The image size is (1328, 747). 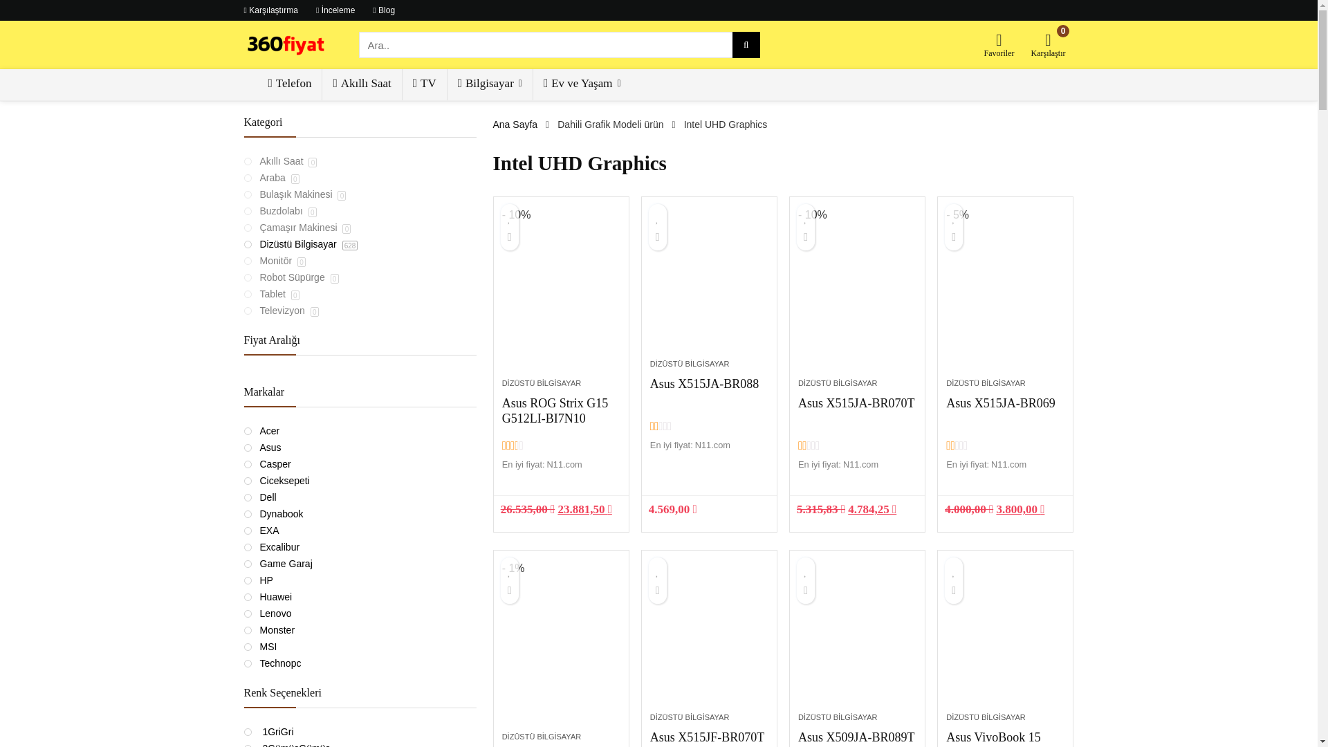 I want to click on 'Ana Sayfa', so click(x=492, y=124).